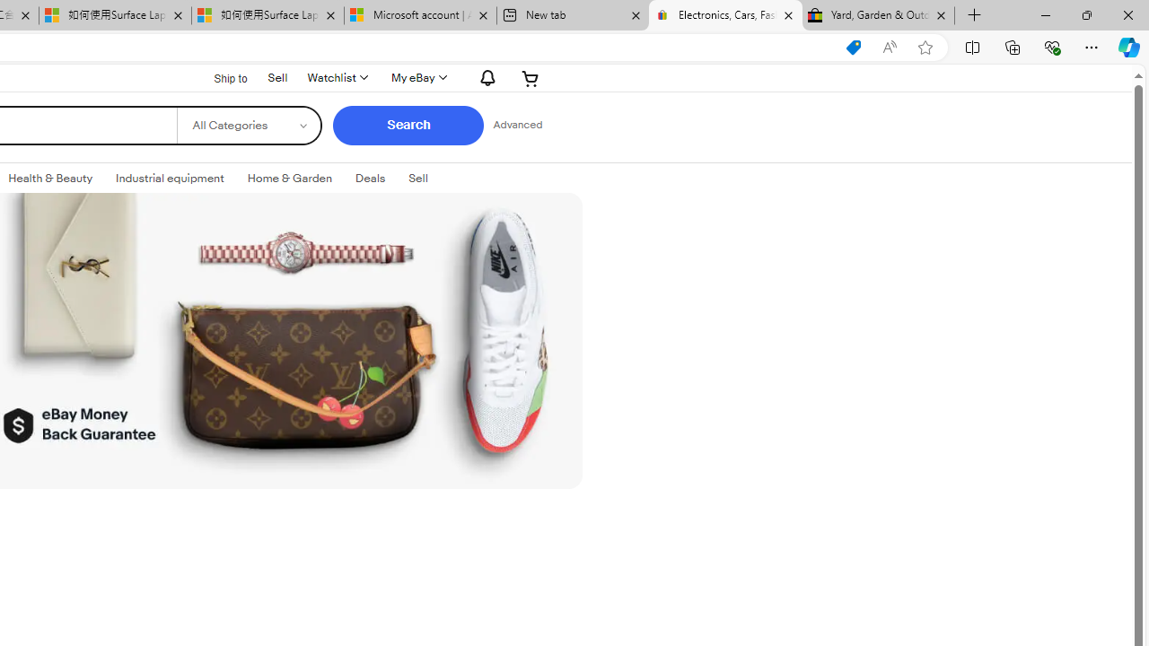 The width and height of the screenshot is (1149, 646). Describe the element at coordinates (516, 125) in the screenshot. I see `'Advanced Search'` at that location.